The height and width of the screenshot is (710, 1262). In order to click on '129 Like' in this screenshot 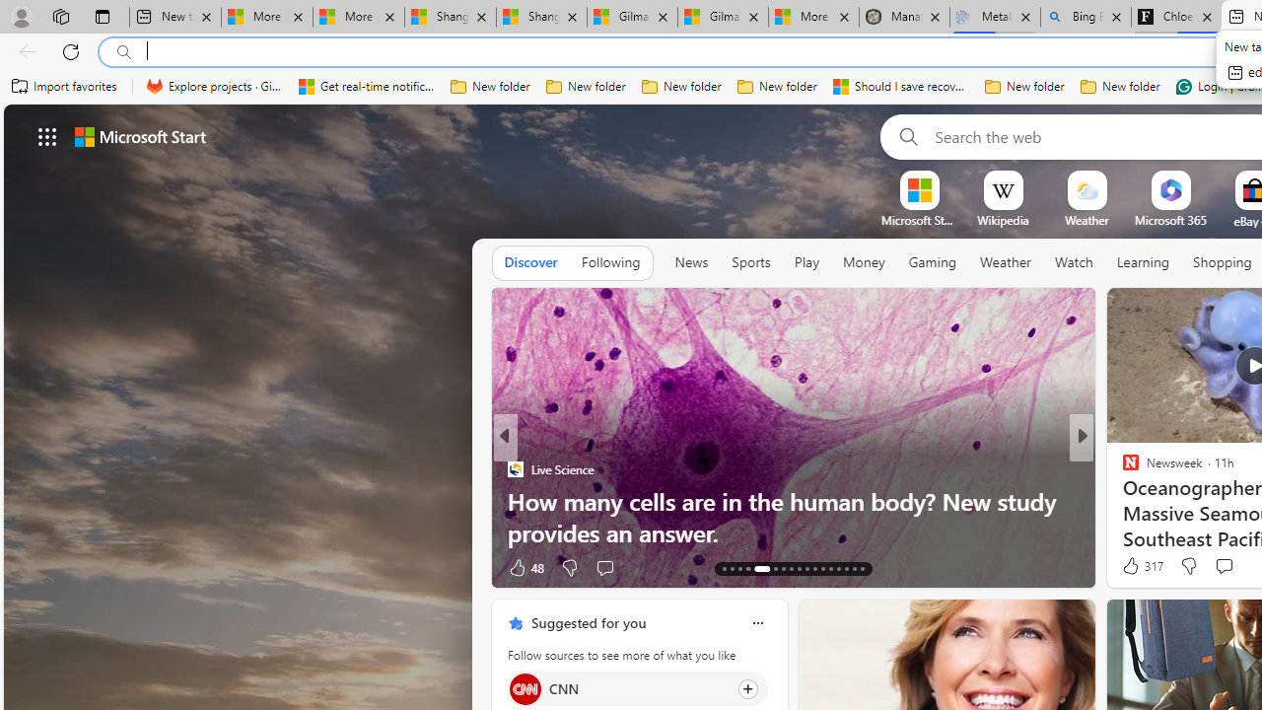, I will do `click(1136, 567)`.